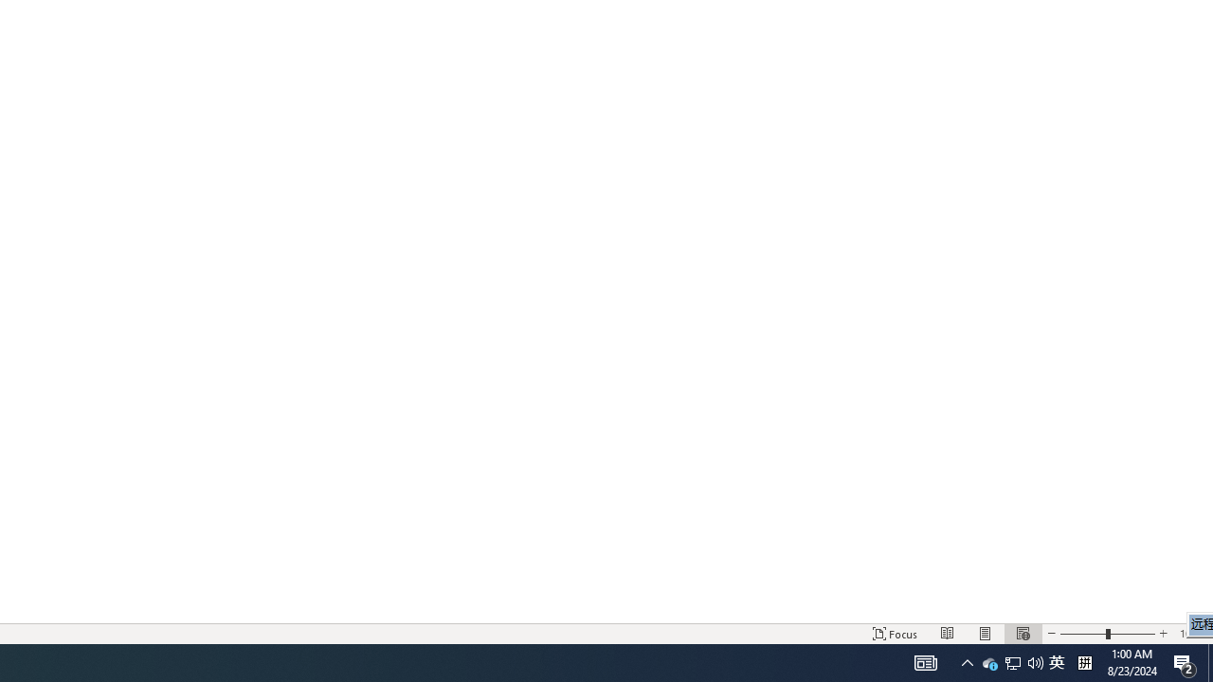  I want to click on 'Tray Input Indicator - Chinese (Simplified, China)', so click(1084, 661).